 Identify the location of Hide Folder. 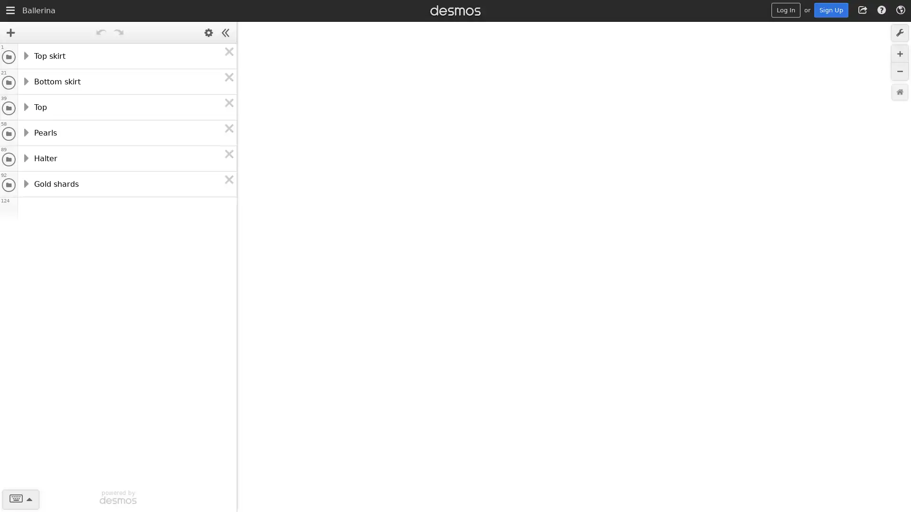
(9, 82).